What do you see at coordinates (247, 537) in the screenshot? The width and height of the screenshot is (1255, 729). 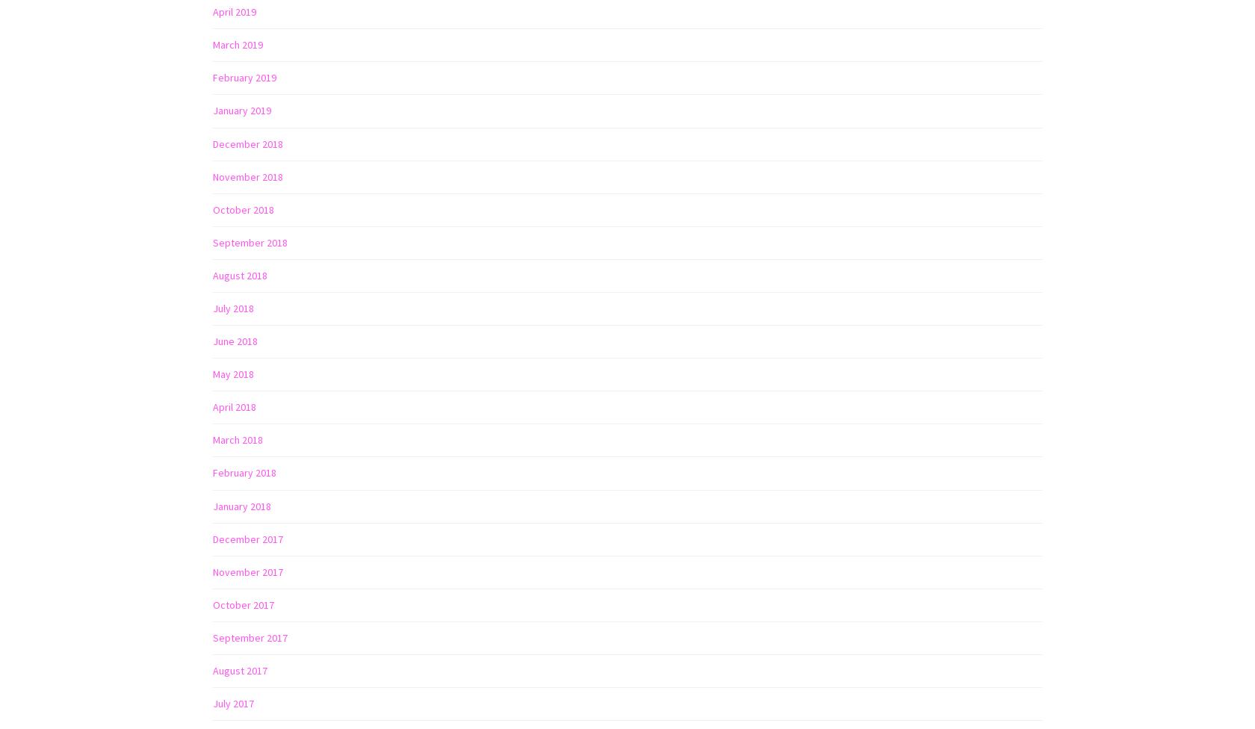 I see `'December 2017'` at bounding box center [247, 537].